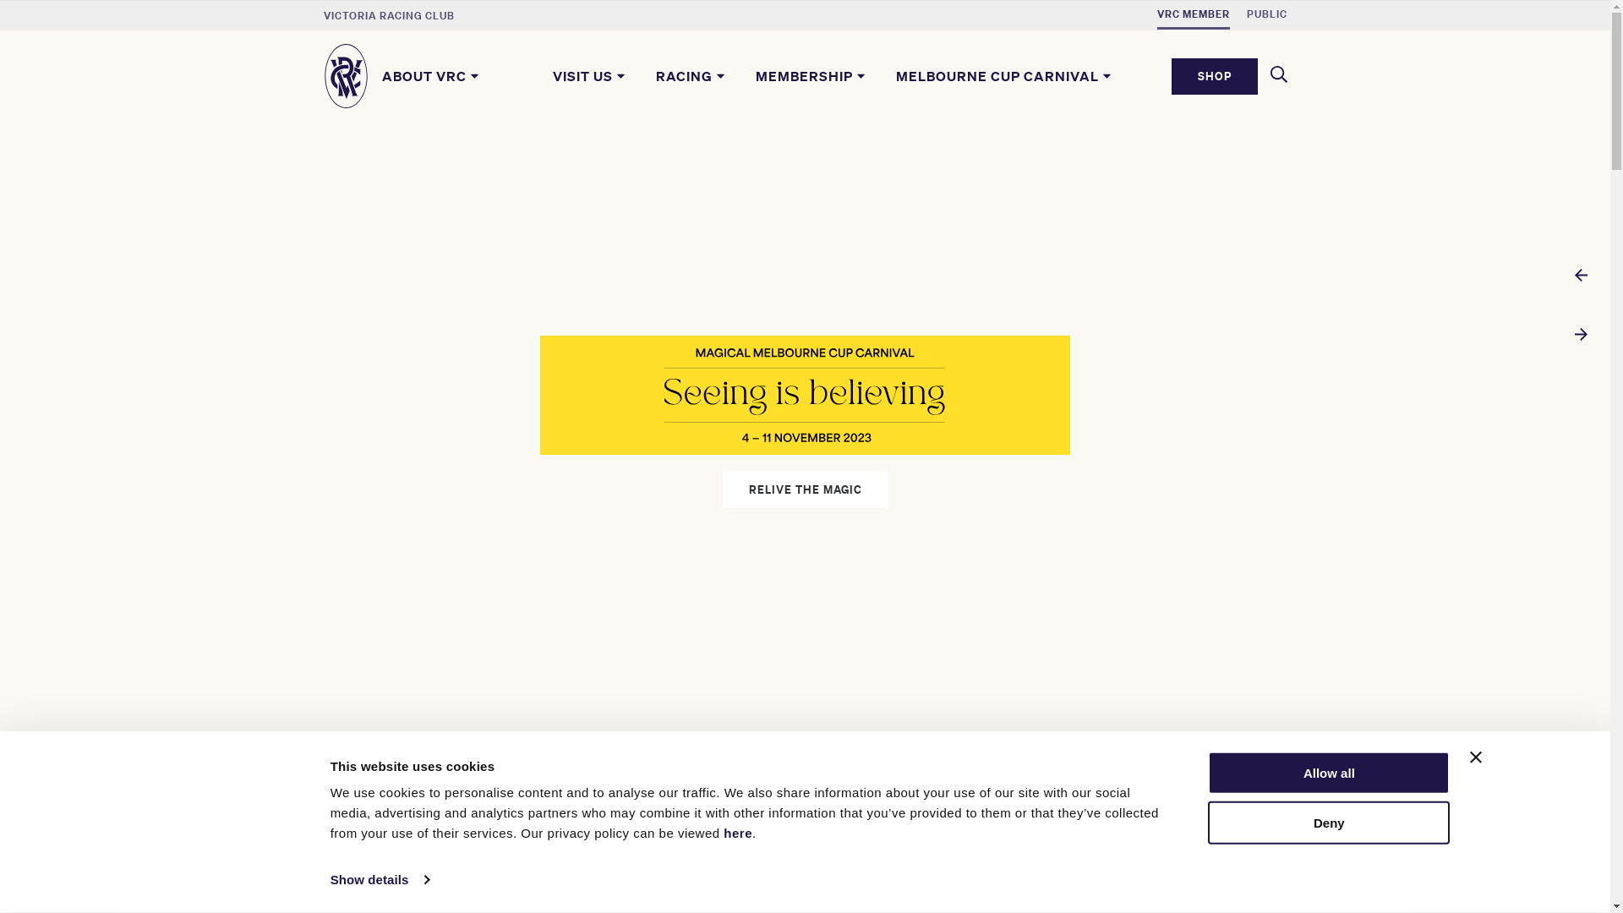 This screenshot has width=1623, height=913. What do you see at coordinates (1005, 74) in the screenshot?
I see `'MELBOURNE CUP CARNIVAL'` at bounding box center [1005, 74].